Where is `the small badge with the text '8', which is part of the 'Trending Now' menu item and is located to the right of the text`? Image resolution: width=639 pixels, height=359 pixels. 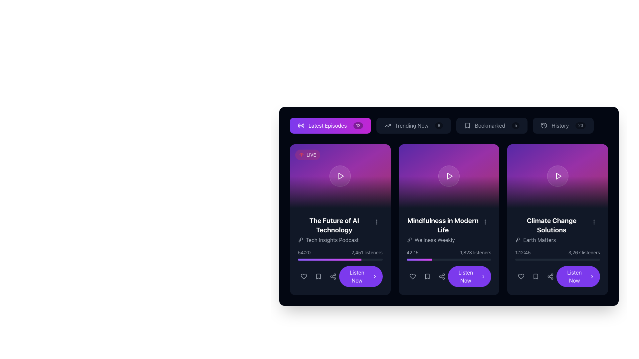 the small badge with the text '8', which is part of the 'Trending Now' menu item and is located to the right of the text is located at coordinates (439, 126).